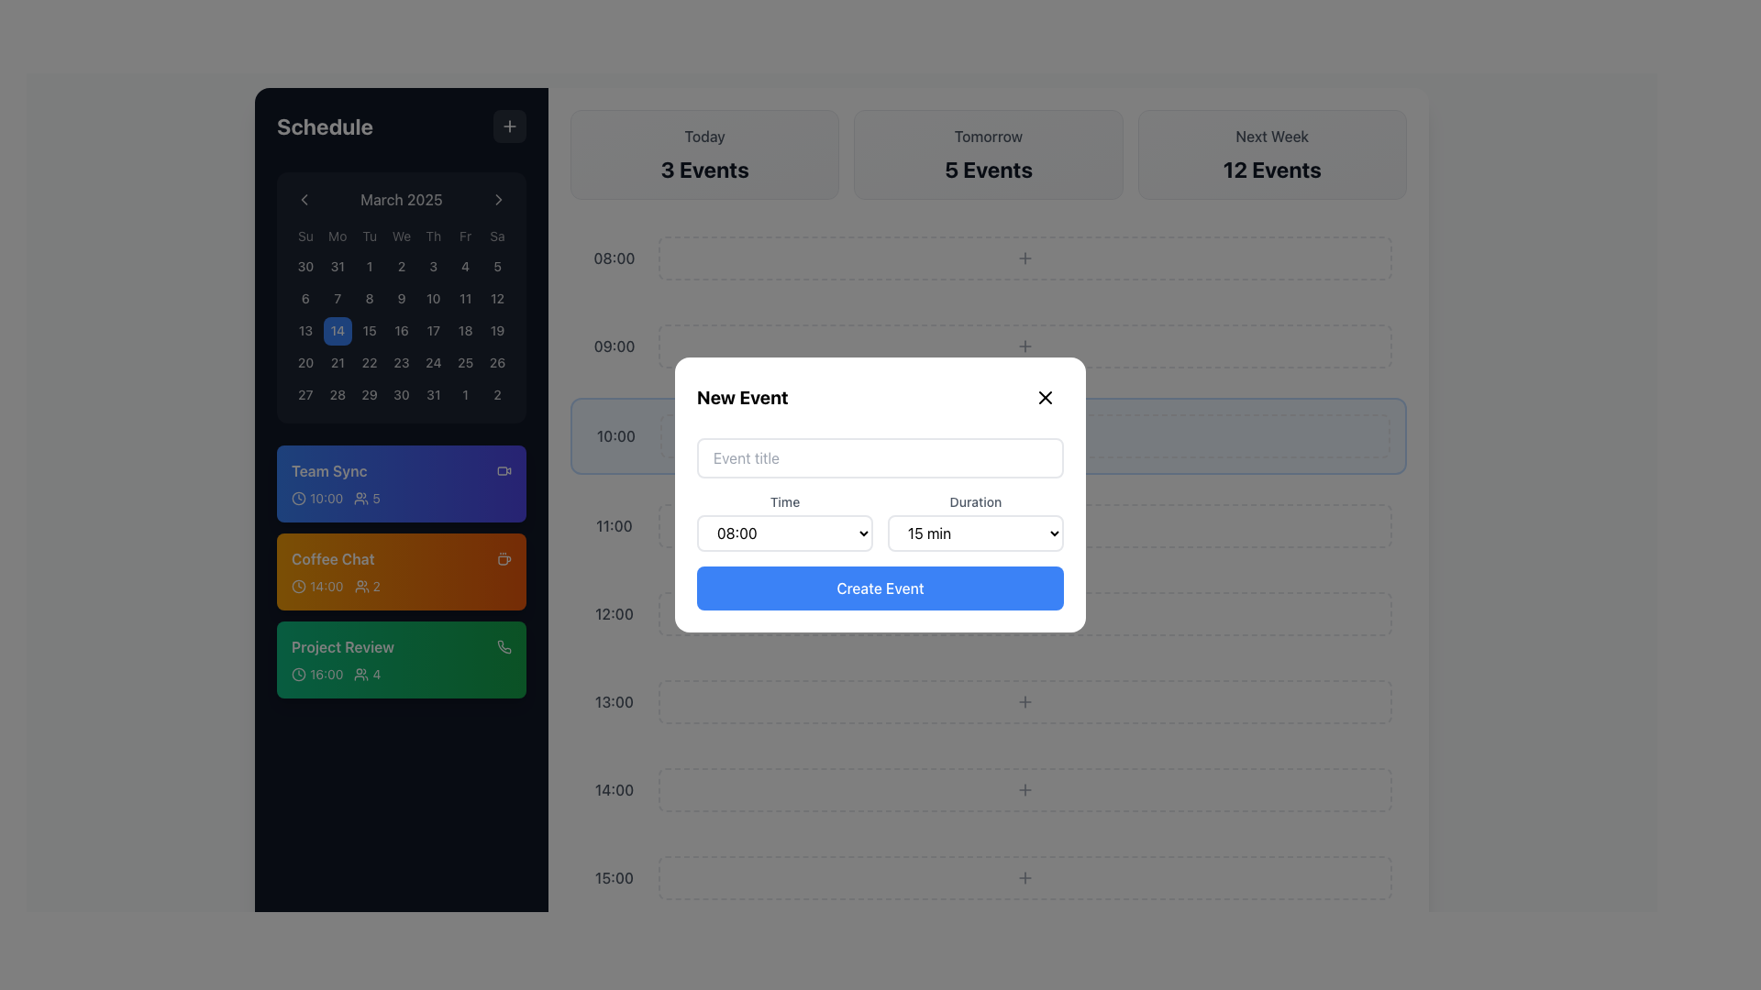 The height and width of the screenshot is (990, 1761). What do you see at coordinates (369, 266) in the screenshot?
I see `the Calendar Date Button displaying the number '1'` at bounding box center [369, 266].